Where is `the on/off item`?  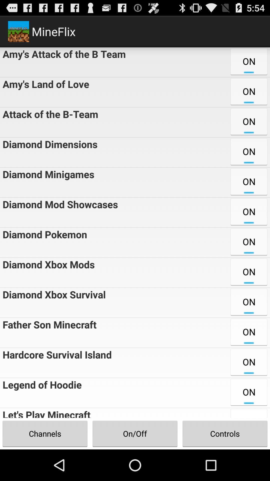 the on/off item is located at coordinates (135, 433).